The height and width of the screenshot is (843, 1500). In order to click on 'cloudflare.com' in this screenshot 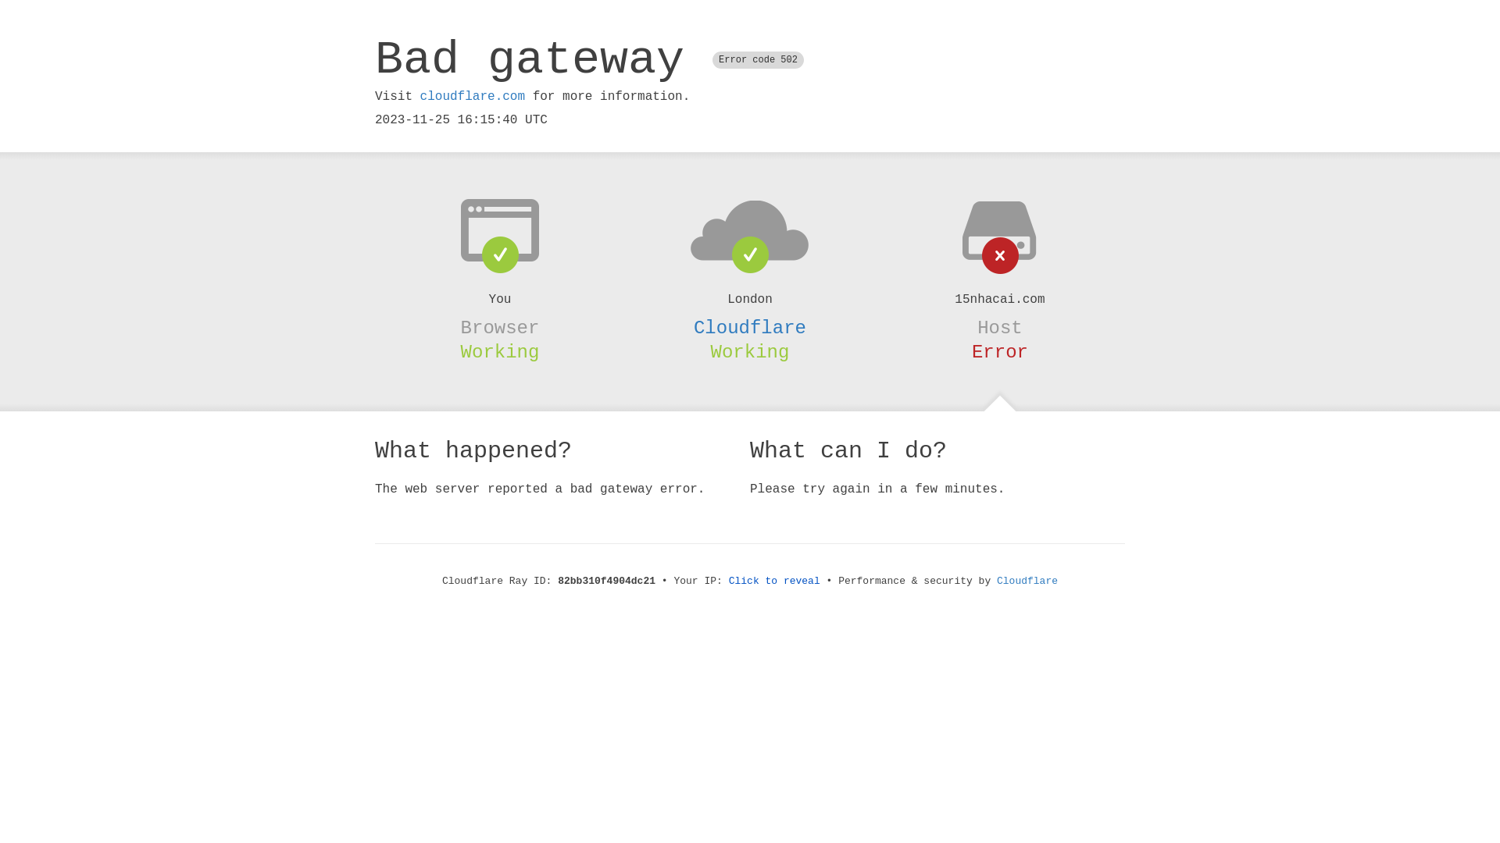, I will do `click(471, 96)`.